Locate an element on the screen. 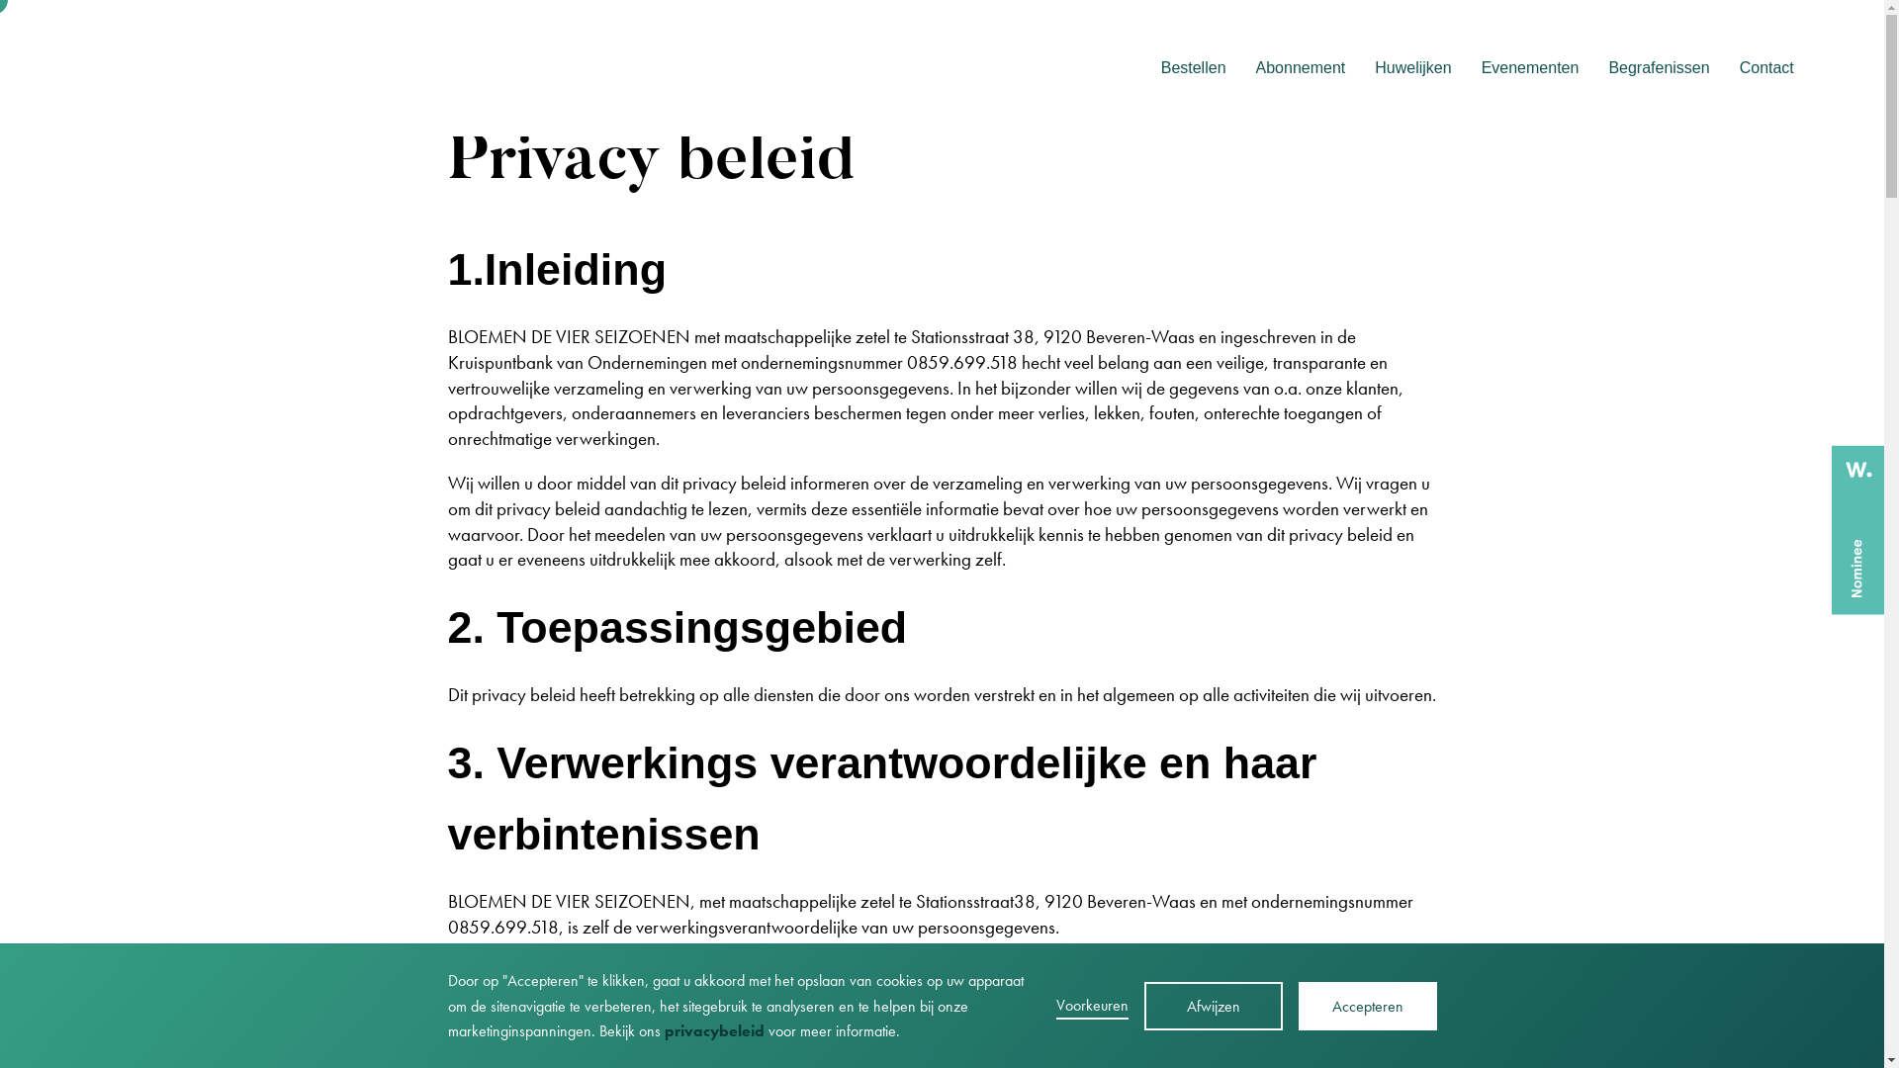 This screenshot has height=1068, width=1899. 'Abonnement' is located at coordinates (1301, 67).